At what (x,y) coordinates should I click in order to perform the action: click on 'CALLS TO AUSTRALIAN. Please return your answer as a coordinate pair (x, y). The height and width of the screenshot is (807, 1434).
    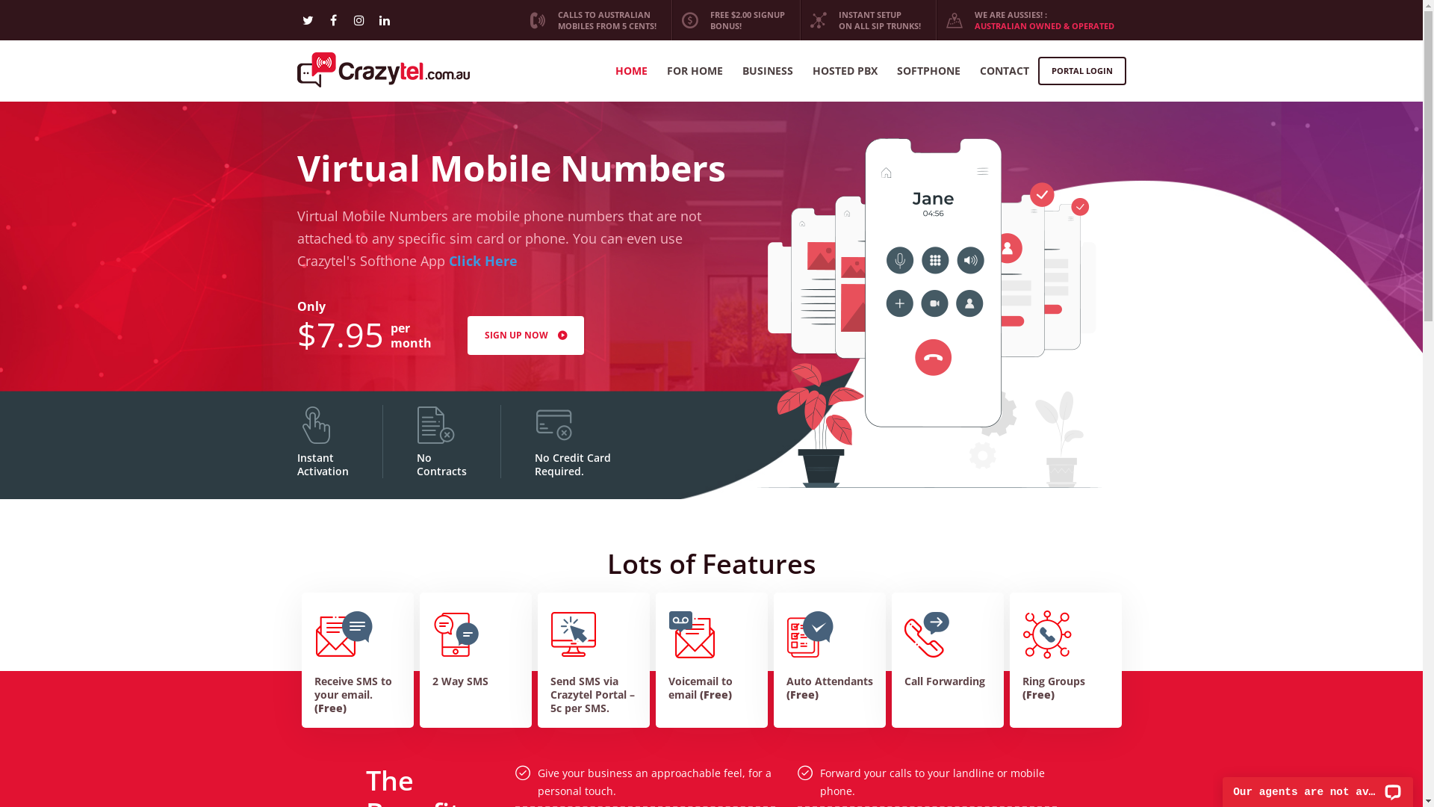
    Looking at the image, I should click on (592, 20).